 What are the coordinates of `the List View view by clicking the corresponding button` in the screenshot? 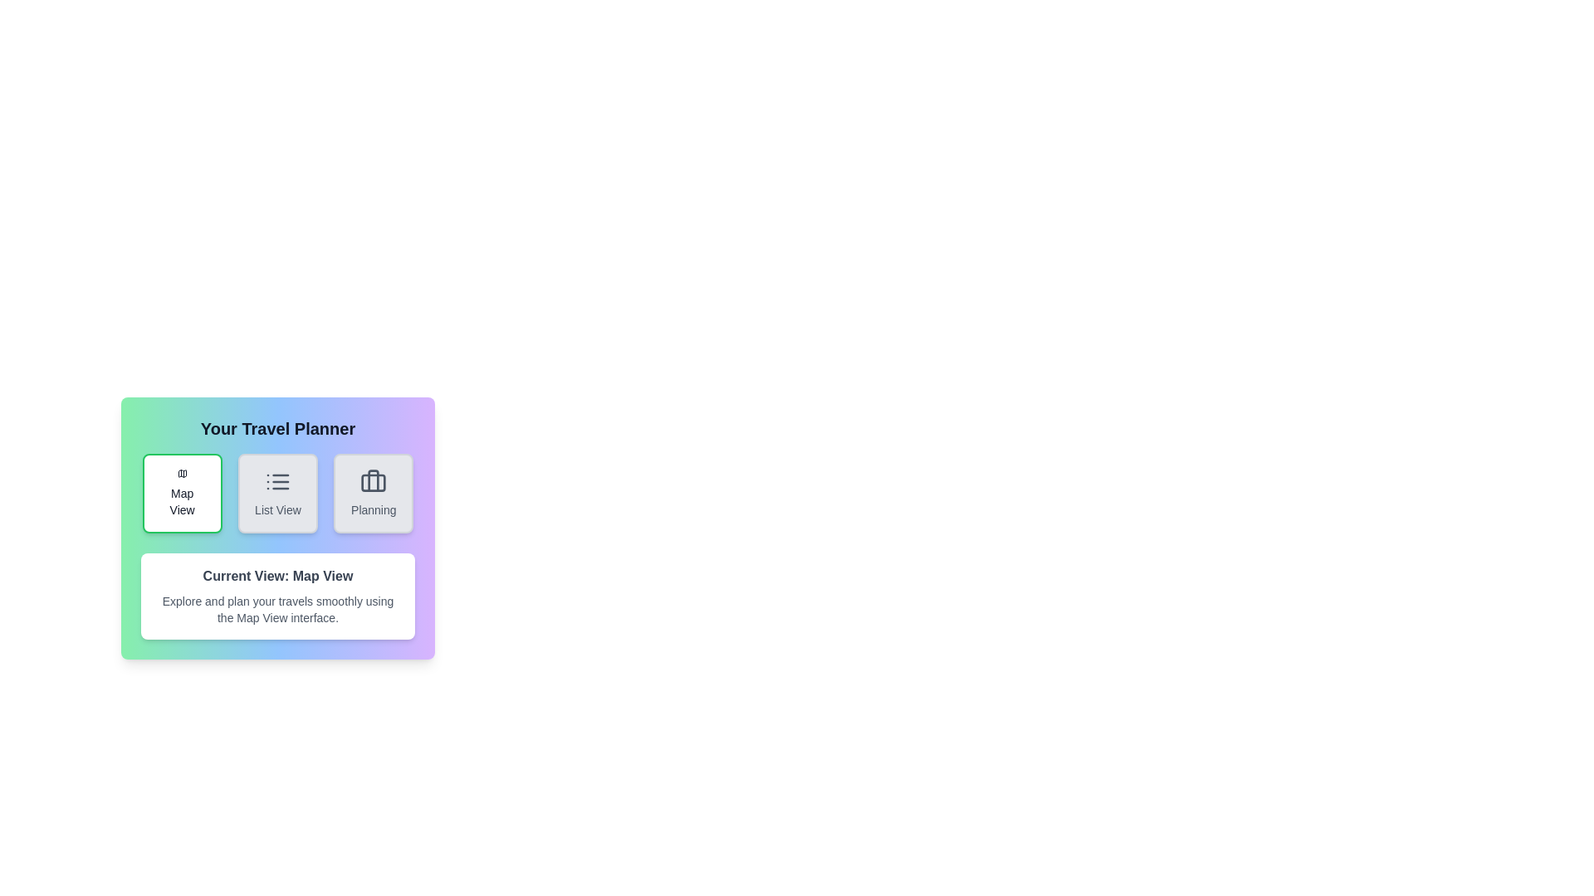 It's located at (278, 492).